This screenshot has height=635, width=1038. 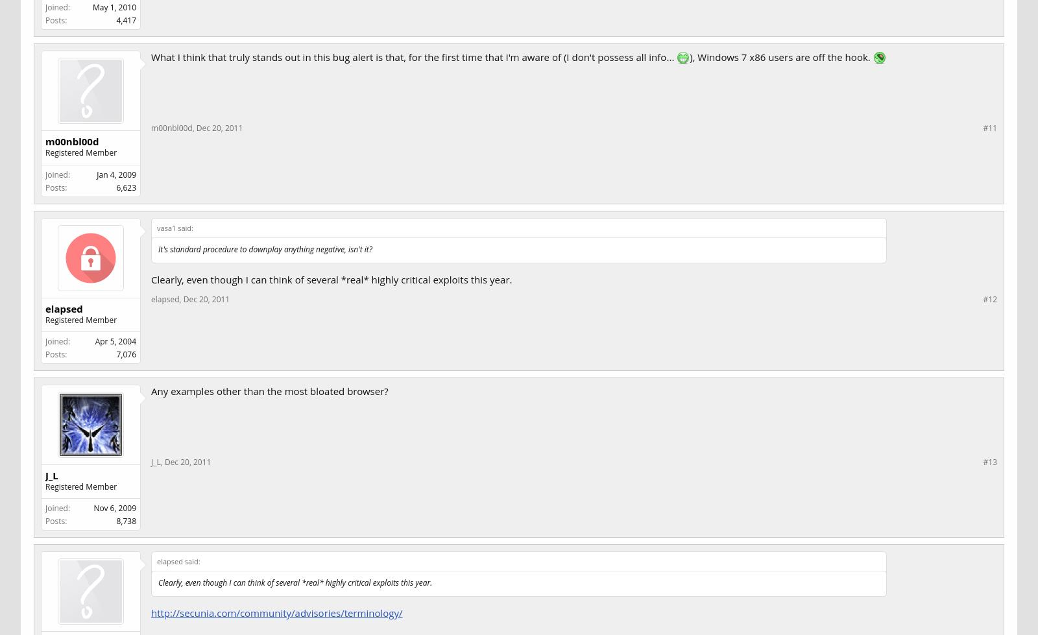 What do you see at coordinates (175, 227) in the screenshot?
I see `'vasa1 said:'` at bounding box center [175, 227].